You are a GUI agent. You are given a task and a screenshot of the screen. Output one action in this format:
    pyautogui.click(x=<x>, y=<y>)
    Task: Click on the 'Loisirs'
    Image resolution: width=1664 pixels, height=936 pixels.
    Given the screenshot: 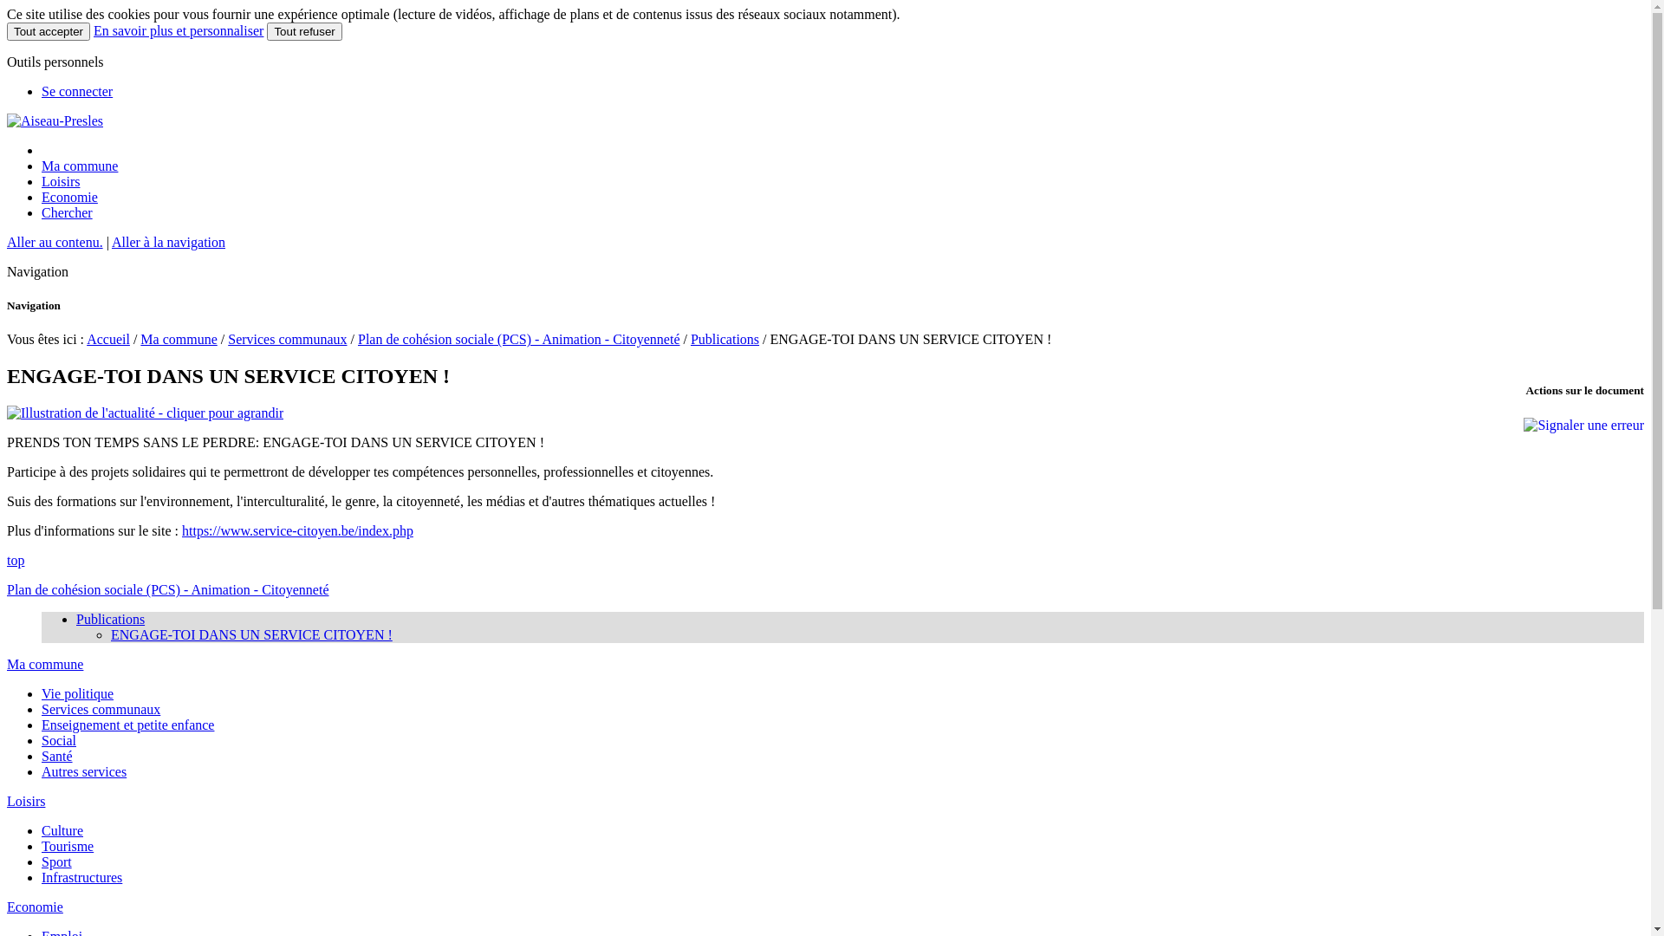 What is the action you would take?
    pyautogui.click(x=61, y=181)
    